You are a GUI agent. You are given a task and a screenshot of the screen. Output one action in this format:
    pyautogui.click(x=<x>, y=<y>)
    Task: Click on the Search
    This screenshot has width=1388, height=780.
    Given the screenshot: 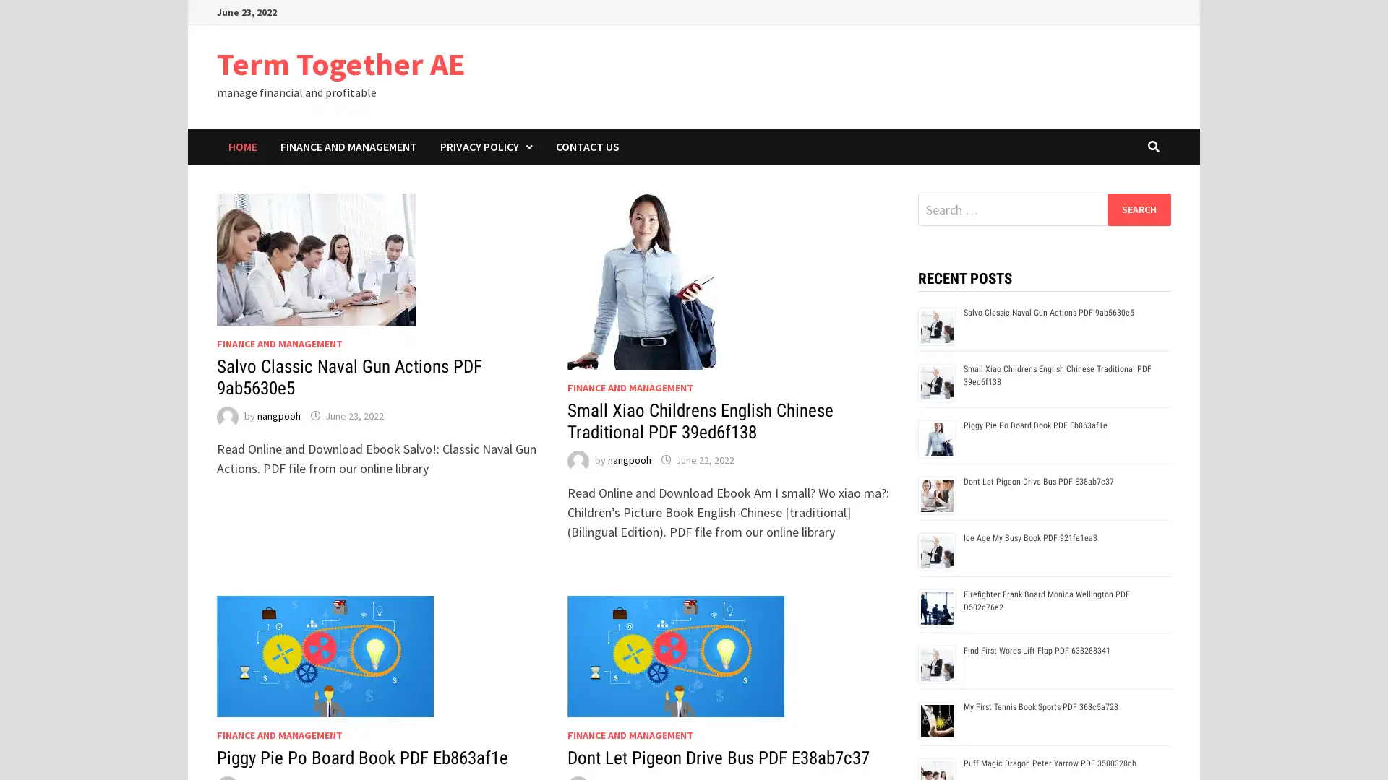 What is the action you would take?
    pyautogui.click(x=1138, y=209)
    